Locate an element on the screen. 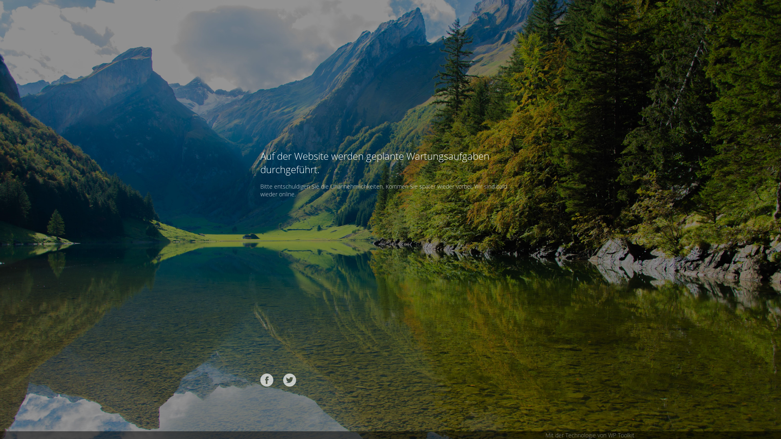 The width and height of the screenshot is (781, 439). 'Twitter' is located at coordinates (289, 380).